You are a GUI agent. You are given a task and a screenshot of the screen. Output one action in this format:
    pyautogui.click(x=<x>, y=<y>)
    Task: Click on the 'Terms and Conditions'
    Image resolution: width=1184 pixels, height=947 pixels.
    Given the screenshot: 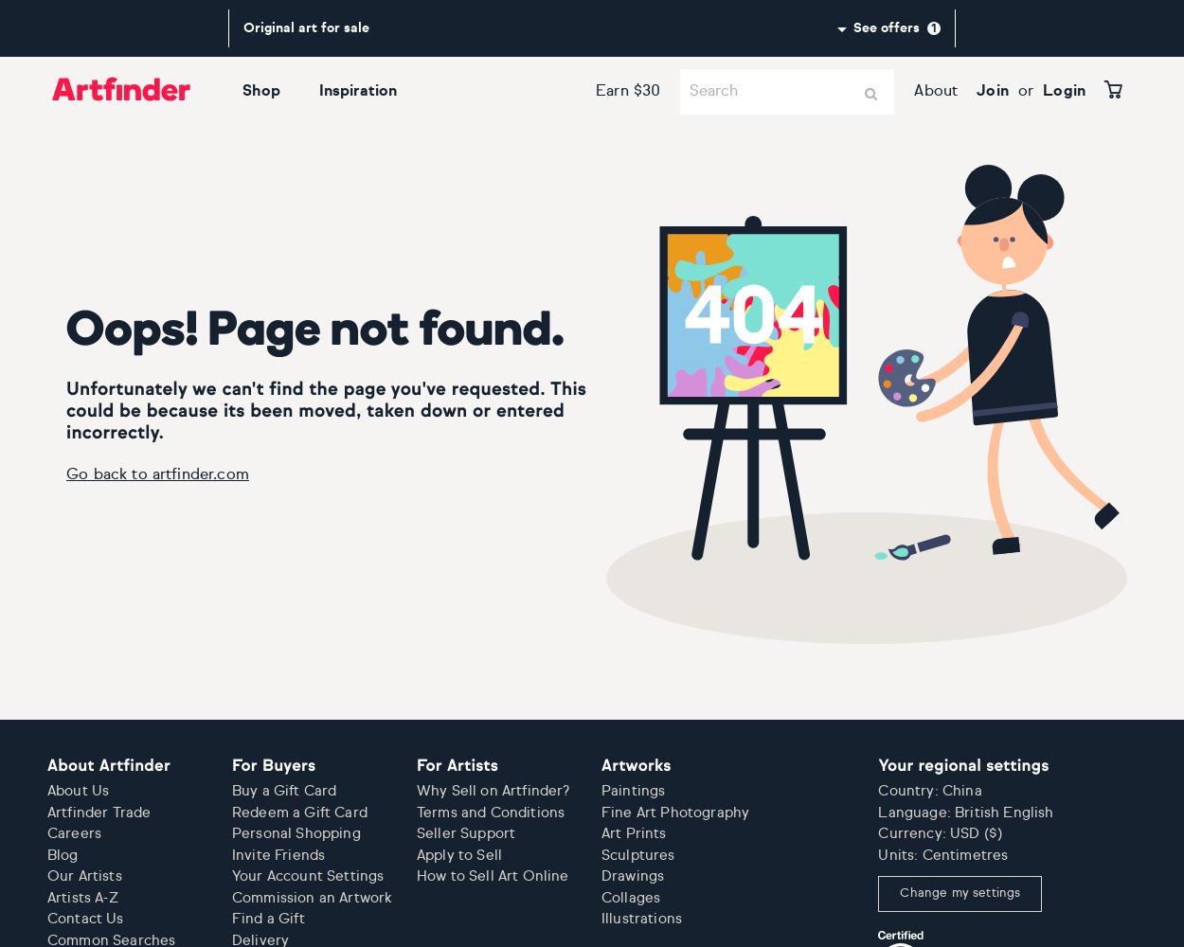 What is the action you would take?
    pyautogui.click(x=491, y=811)
    